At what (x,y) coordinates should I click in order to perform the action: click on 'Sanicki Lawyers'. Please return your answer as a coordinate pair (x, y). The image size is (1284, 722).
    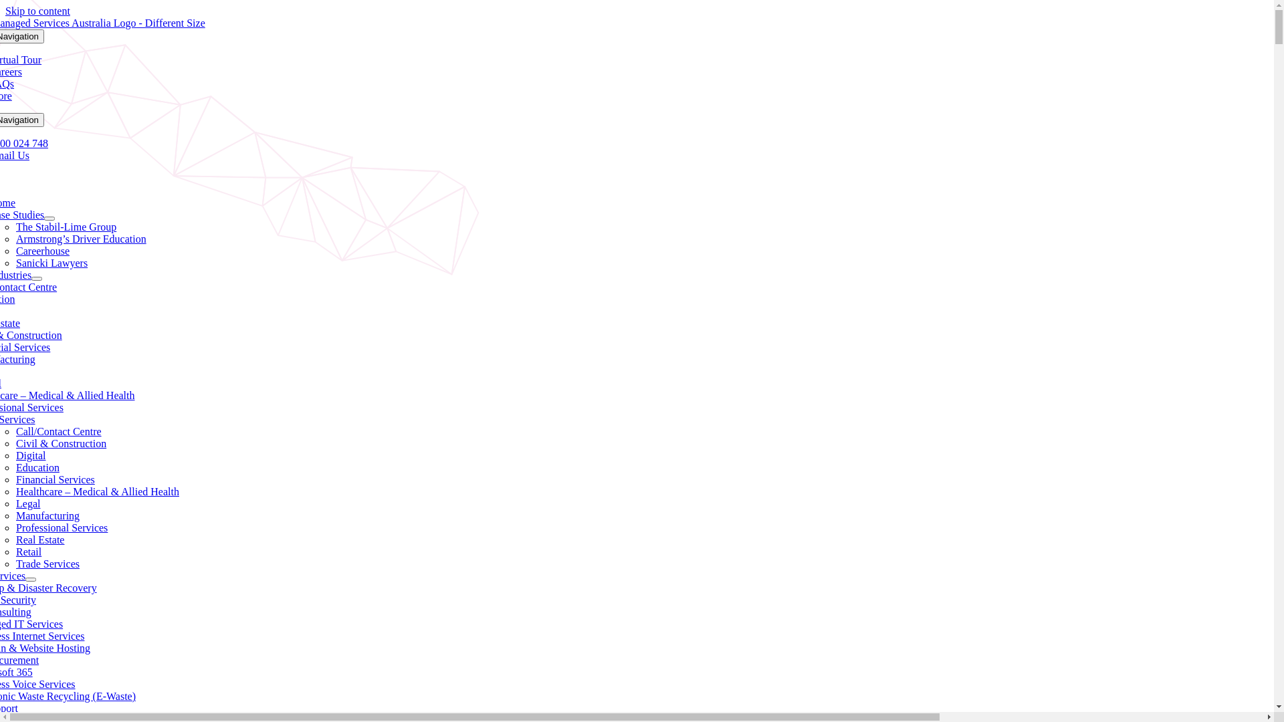
    Looking at the image, I should click on (51, 263).